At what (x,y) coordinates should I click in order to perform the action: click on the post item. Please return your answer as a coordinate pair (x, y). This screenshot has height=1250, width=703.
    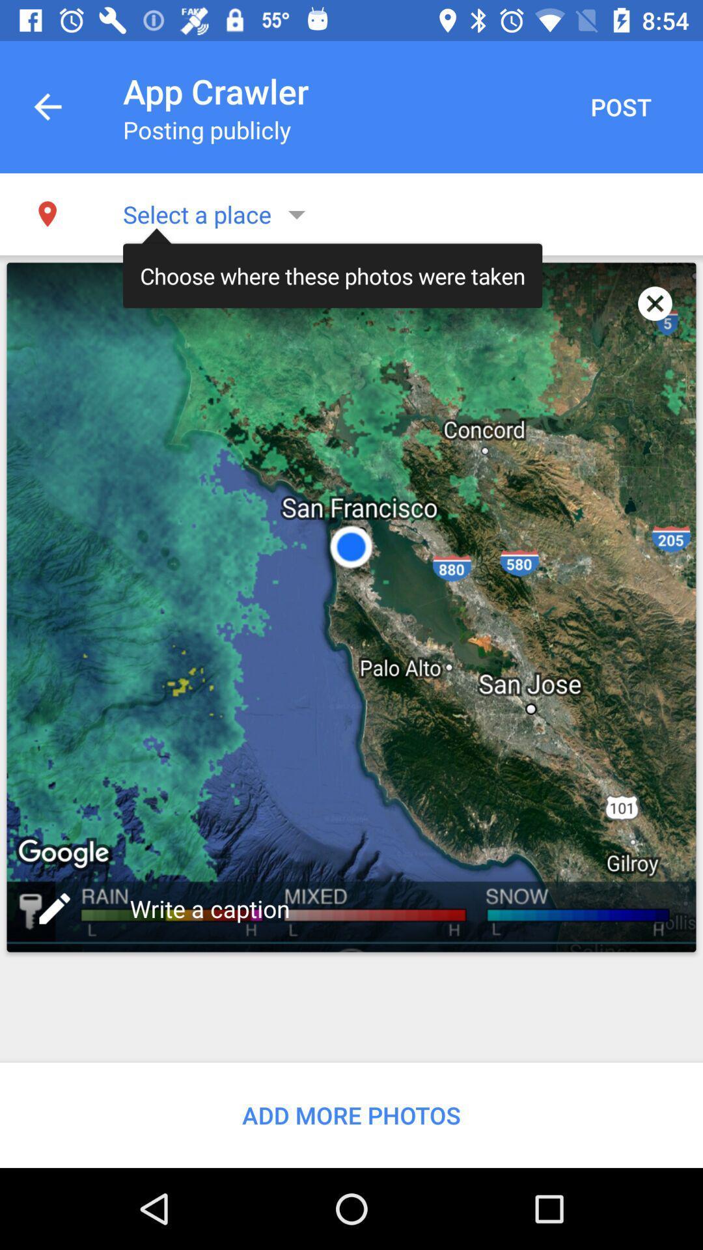
    Looking at the image, I should click on (620, 107).